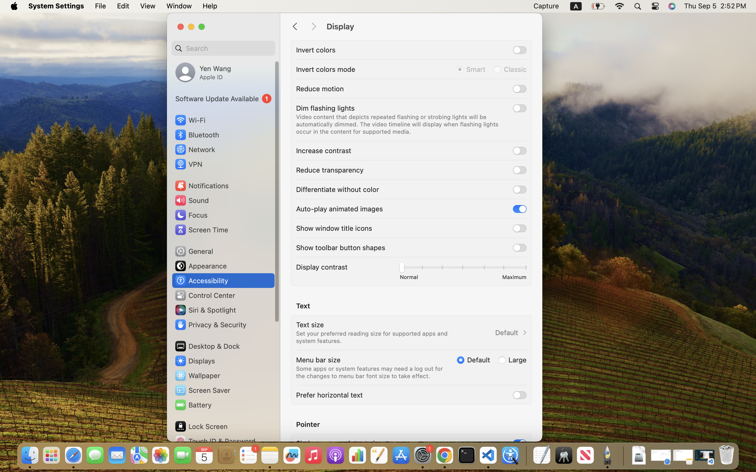 This screenshot has height=472, width=756. Describe the element at coordinates (192, 405) in the screenshot. I see `'Battery'` at that location.